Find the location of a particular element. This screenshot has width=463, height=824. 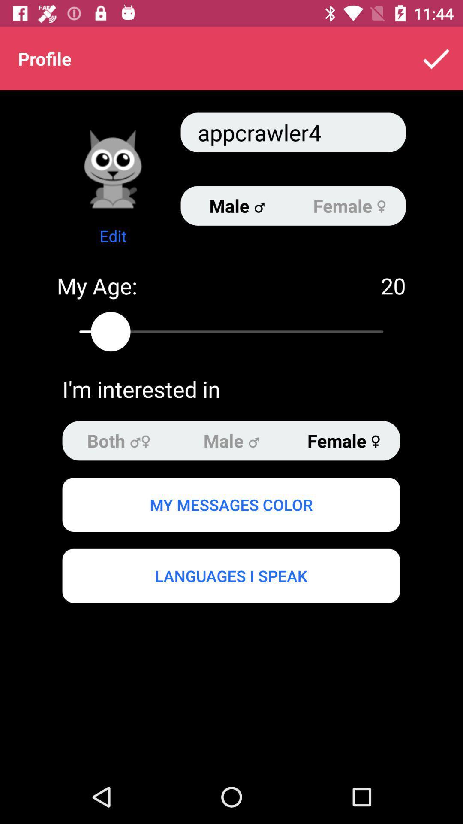

the my messages color icon is located at coordinates (231, 505).